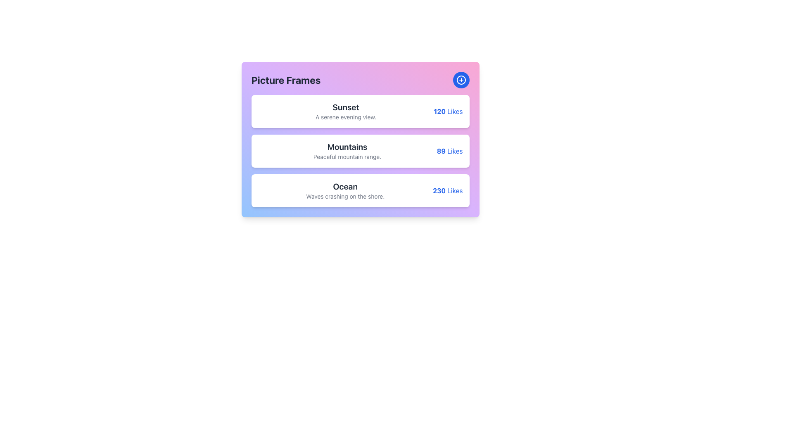 The width and height of the screenshot is (793, 446). I want to click on the 'Mountains' card, so click(360, 139).